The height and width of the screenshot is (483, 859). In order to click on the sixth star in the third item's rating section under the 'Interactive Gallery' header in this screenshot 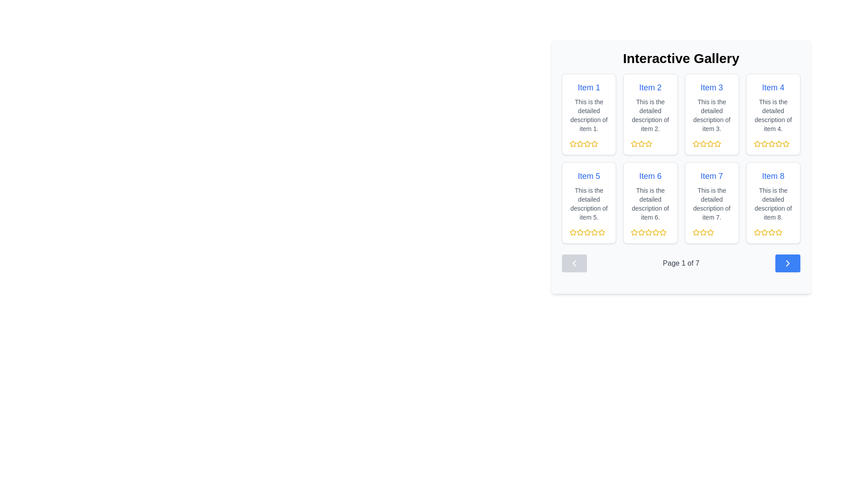, I will do `click(717, 143)`.